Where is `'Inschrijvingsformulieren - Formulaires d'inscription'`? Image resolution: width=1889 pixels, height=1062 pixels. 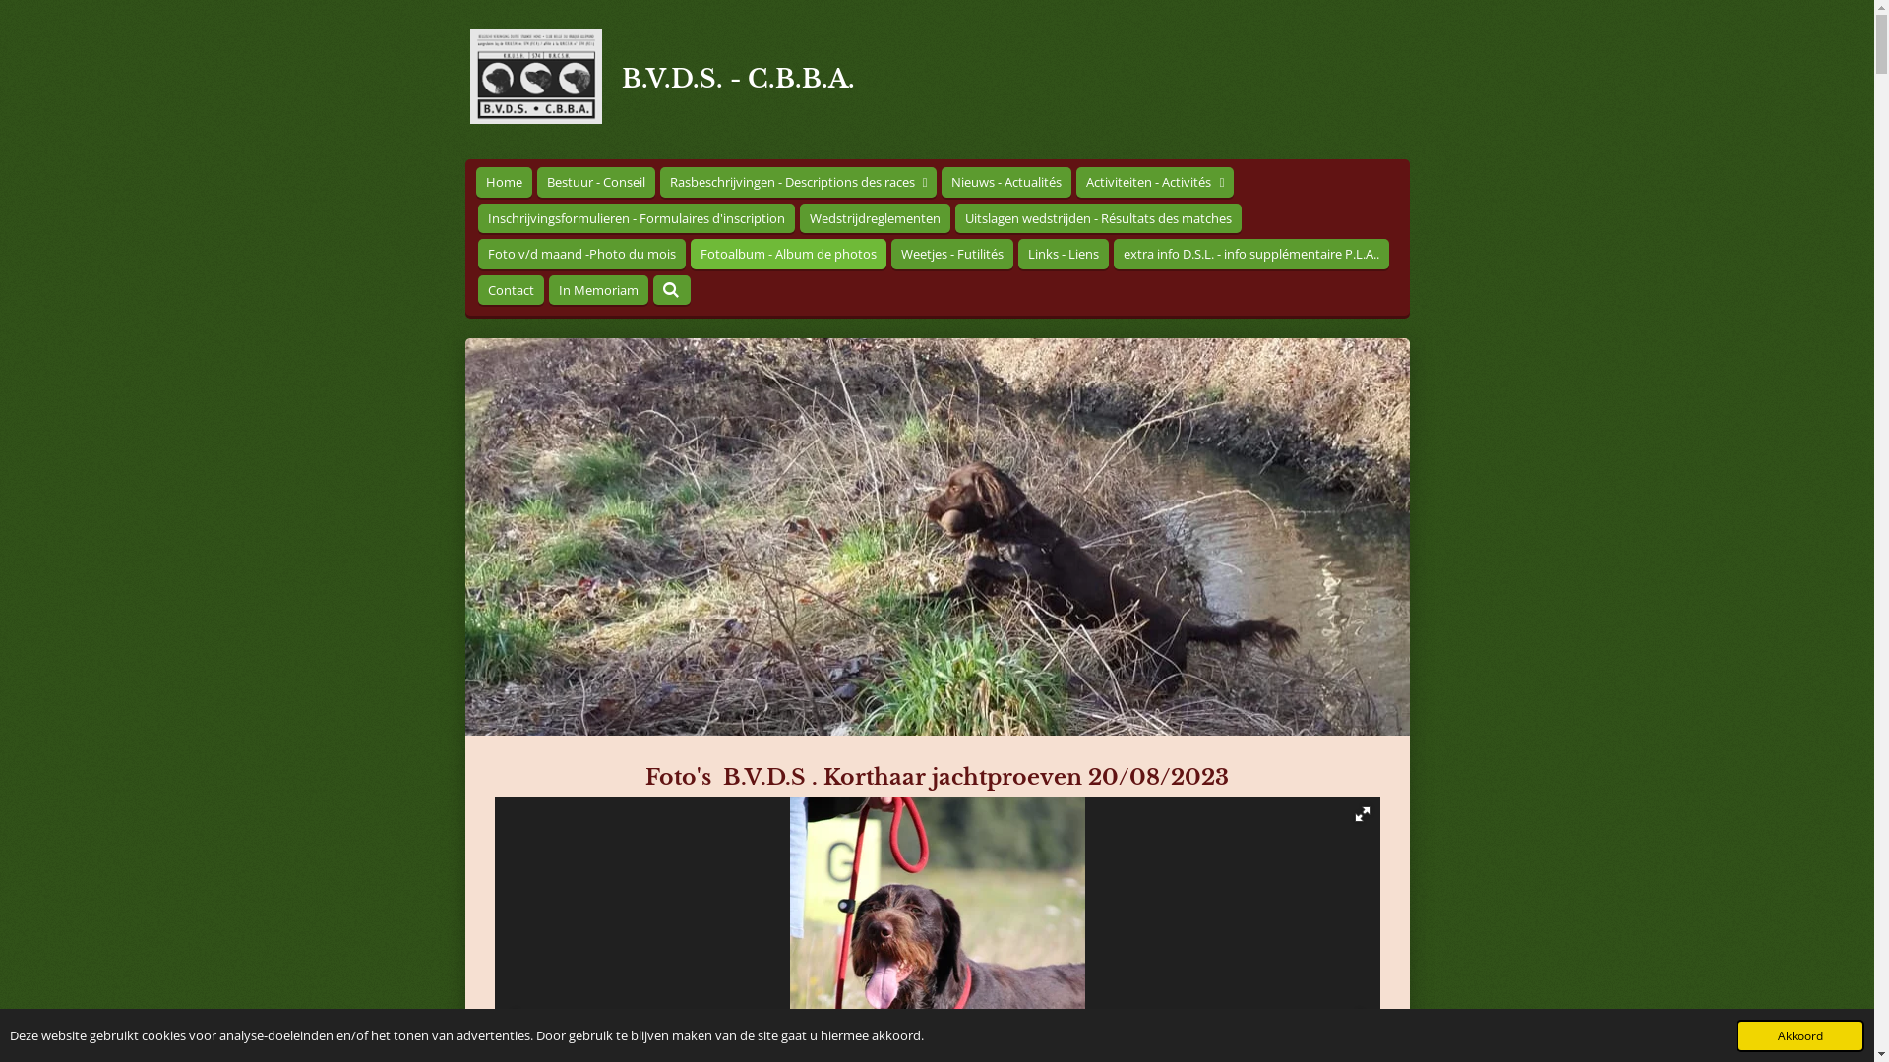 'Inschrijvingsformulieren - Formulaires d'inscription' is located at coordinates (637, 218).